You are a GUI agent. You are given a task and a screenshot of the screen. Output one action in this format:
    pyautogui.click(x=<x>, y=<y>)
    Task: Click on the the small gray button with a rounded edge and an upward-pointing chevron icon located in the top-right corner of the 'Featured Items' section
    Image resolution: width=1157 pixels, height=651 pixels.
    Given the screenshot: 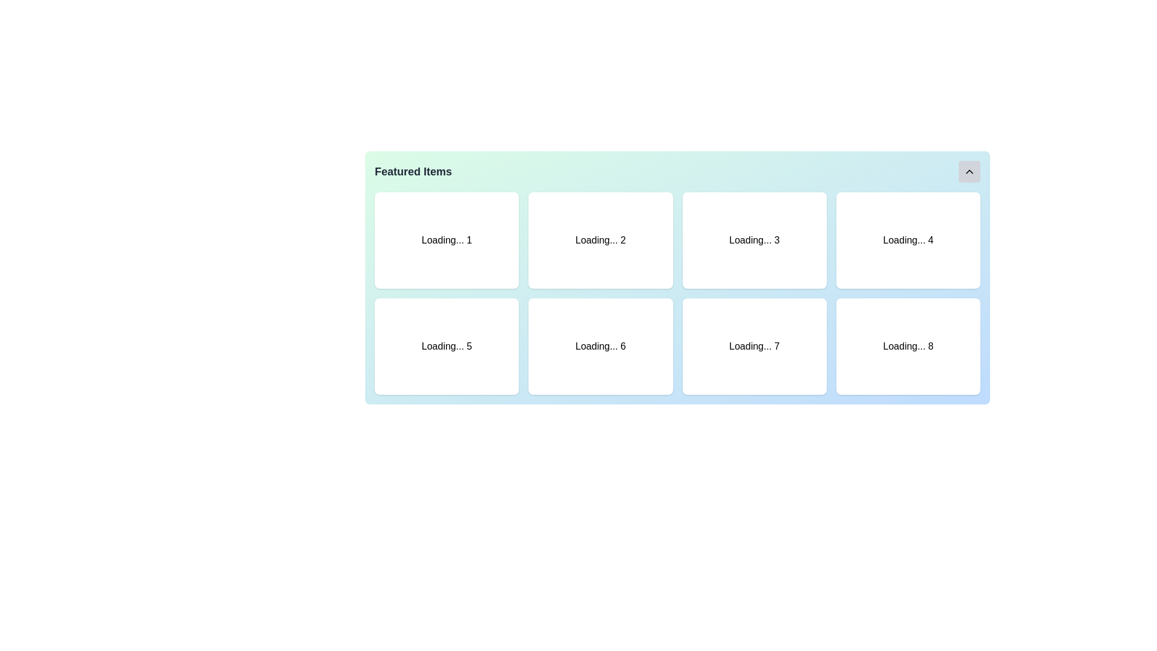 What is the action you would take?
    pyautogui.click(x=969, y=172)
    